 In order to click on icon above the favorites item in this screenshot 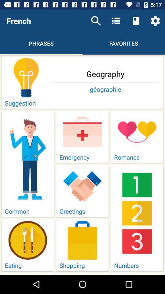, I will do `click(116, 21)`.